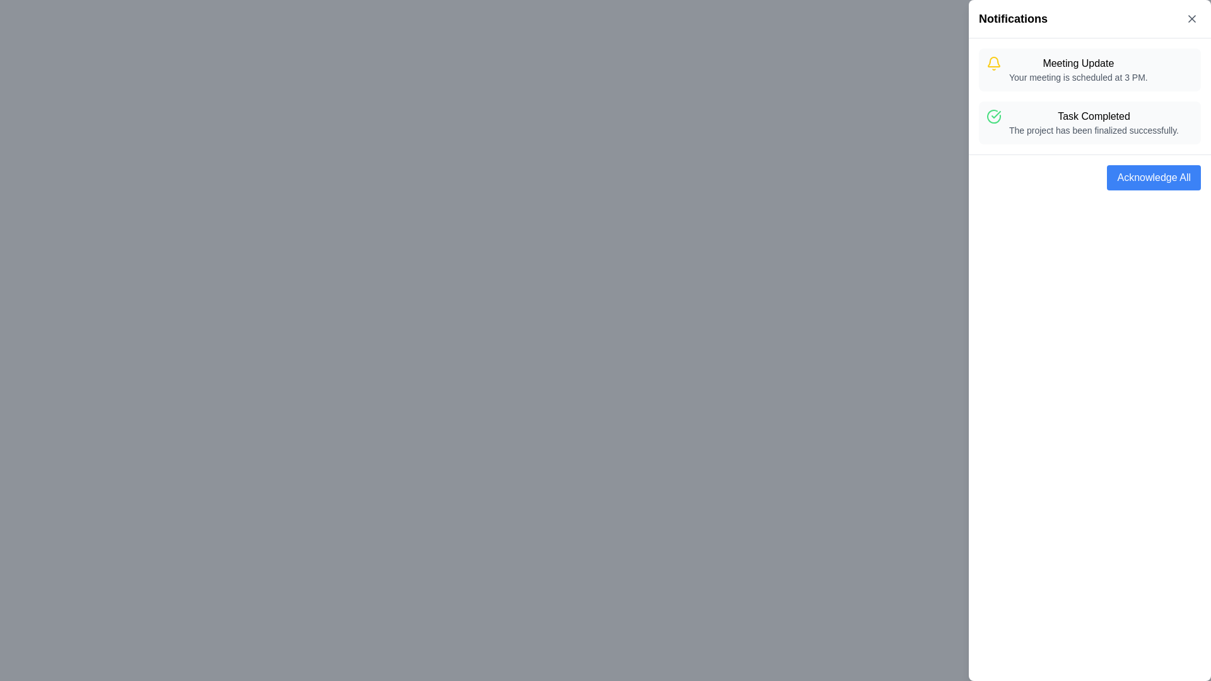 The height and width of the screenshot is (681, 1211). What do you see at coordinates (993, 117) in the screenshot?
I see `the green checkmark icon with a circular border located to the left of the 'Task Completed' text in the 'Notifications' sidebar` at bounding box center [993, 117].